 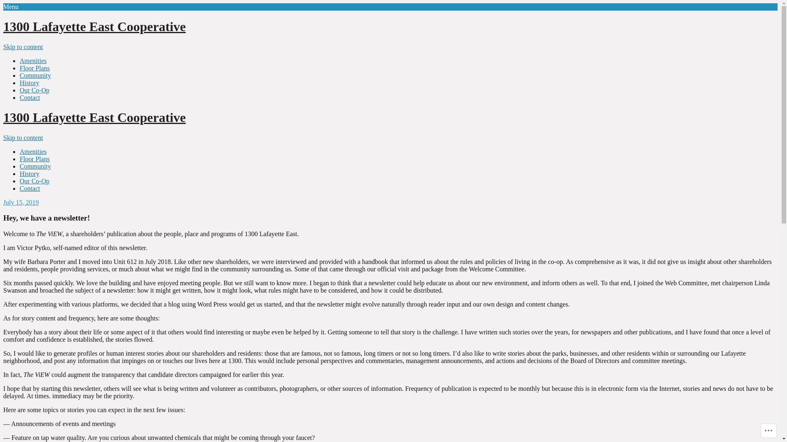 I want to click on 'Contact', so click(x=30, y=188).